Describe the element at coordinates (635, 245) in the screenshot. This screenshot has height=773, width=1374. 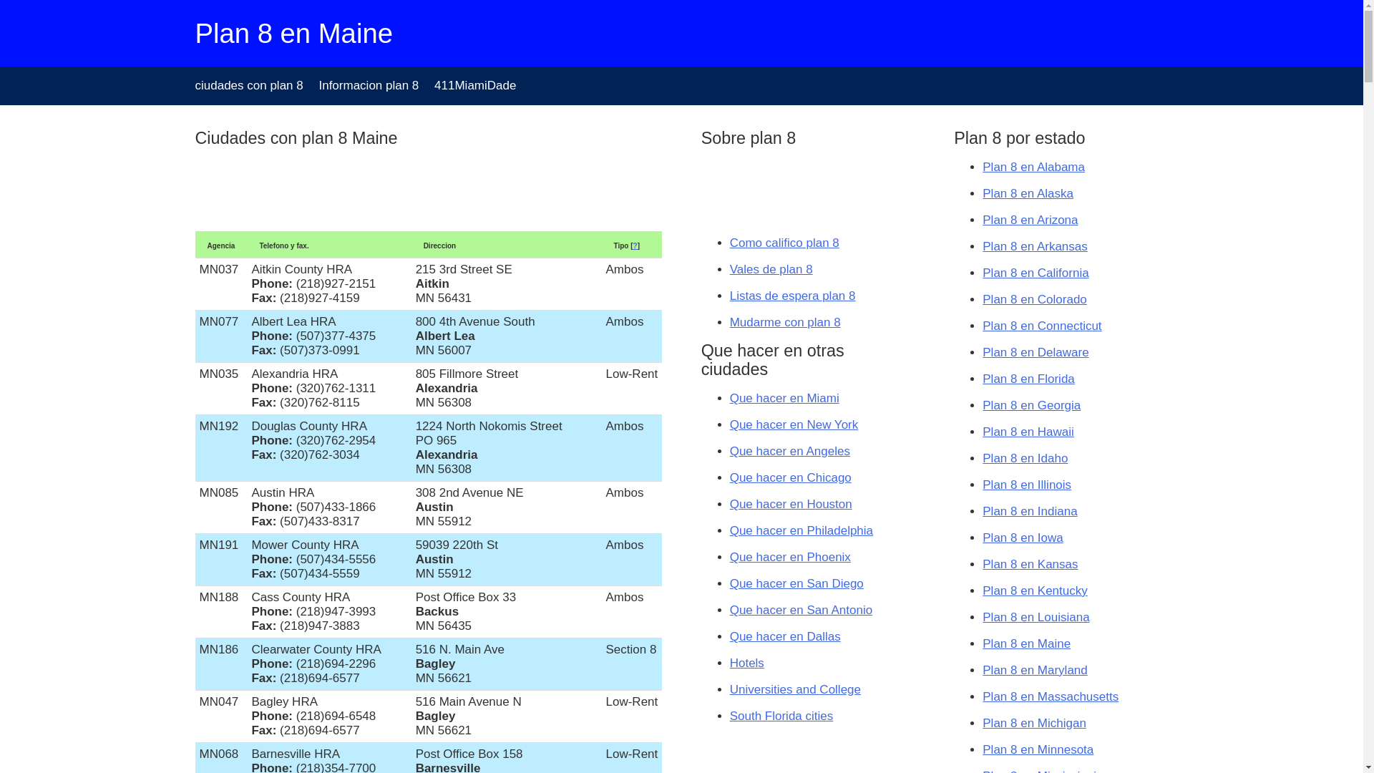
I see `'?'` at that location.